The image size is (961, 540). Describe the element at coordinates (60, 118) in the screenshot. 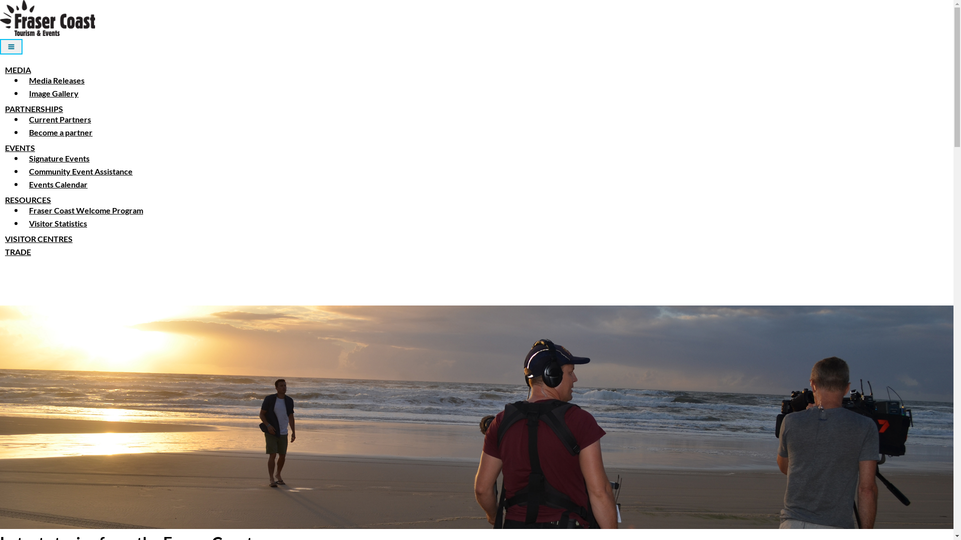

I see `'Current Partners'` at that location.